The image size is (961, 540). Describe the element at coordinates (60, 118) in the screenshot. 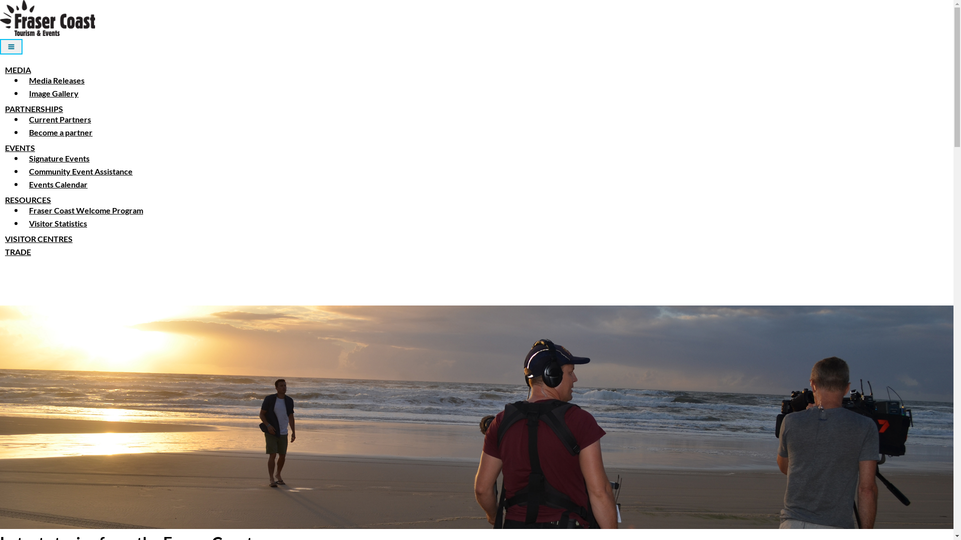

I see `'Current Partners'` at that location.